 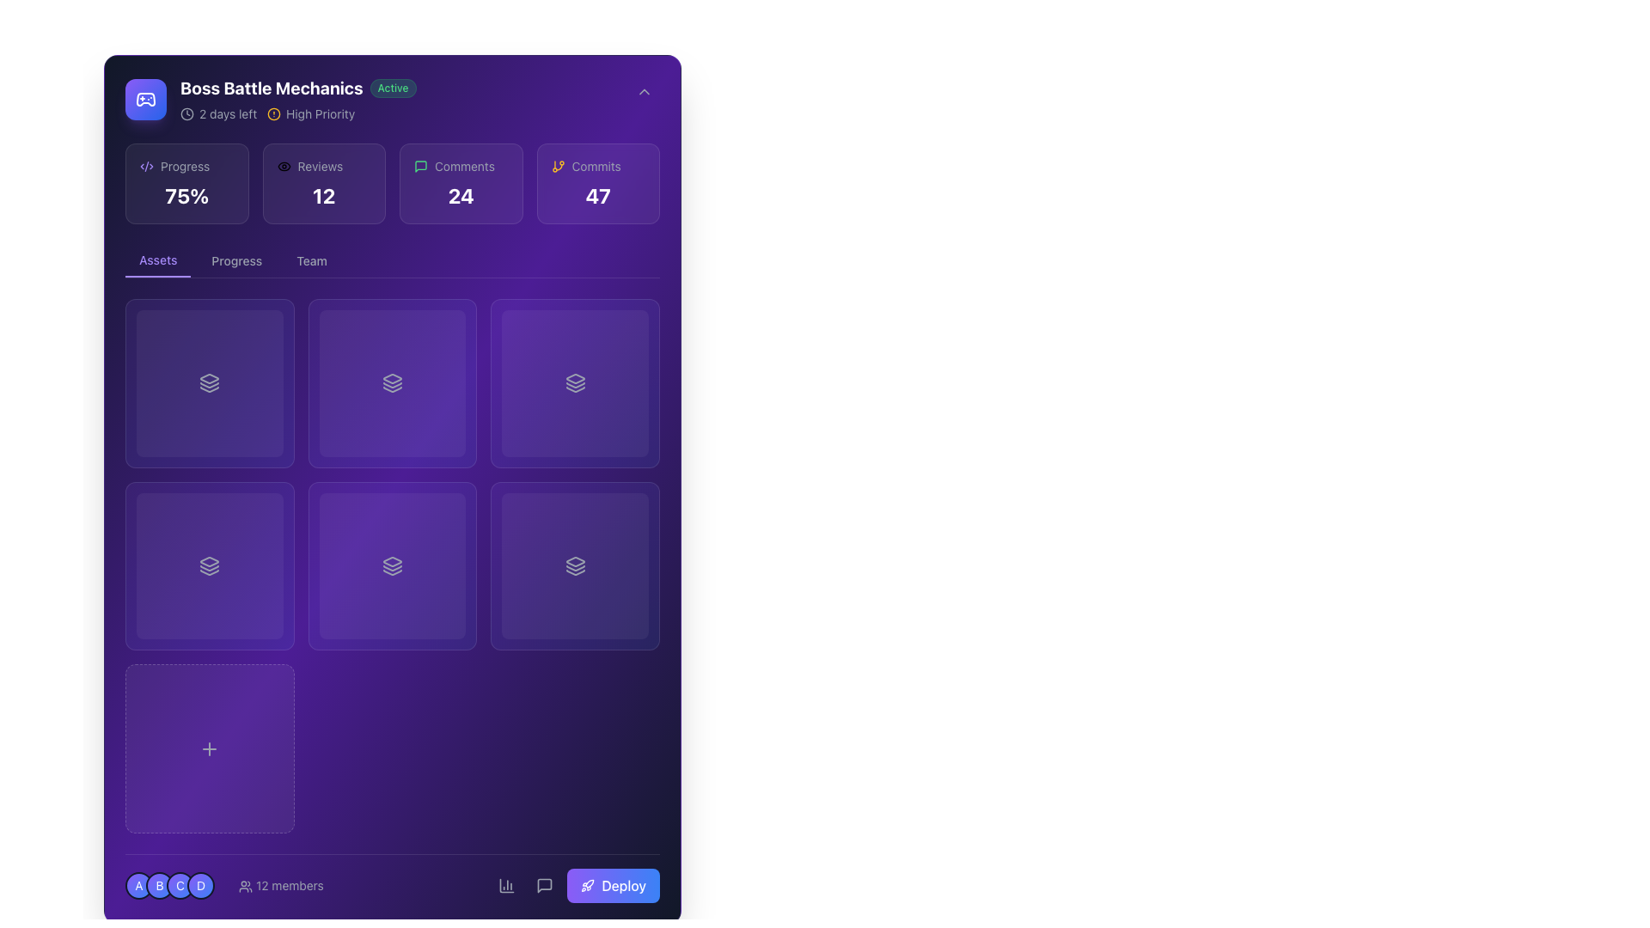 I want to click on the icon embedded within the button located at the bottom-right corner of the interface, so click(x=506, y=885).